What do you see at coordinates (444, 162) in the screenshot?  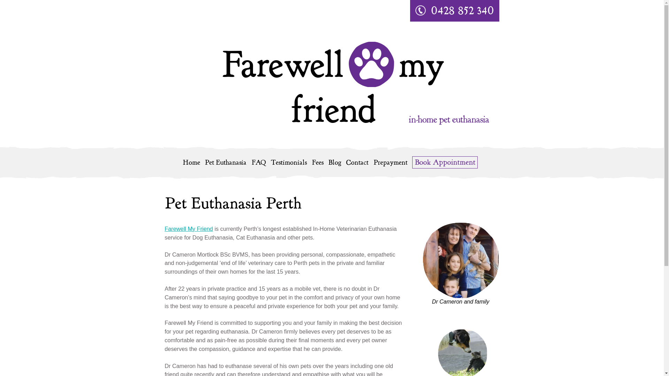 I see `'Book Appointment'` at bounding box center [444, 162].